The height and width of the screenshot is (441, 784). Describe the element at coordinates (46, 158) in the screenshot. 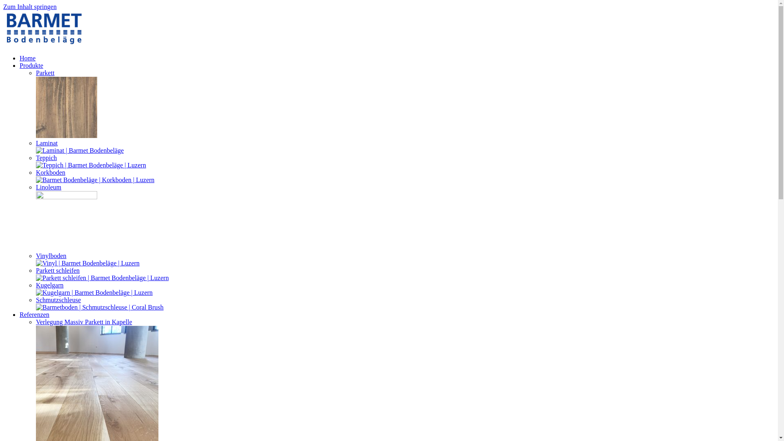

I see `'Teppich'` at that location.